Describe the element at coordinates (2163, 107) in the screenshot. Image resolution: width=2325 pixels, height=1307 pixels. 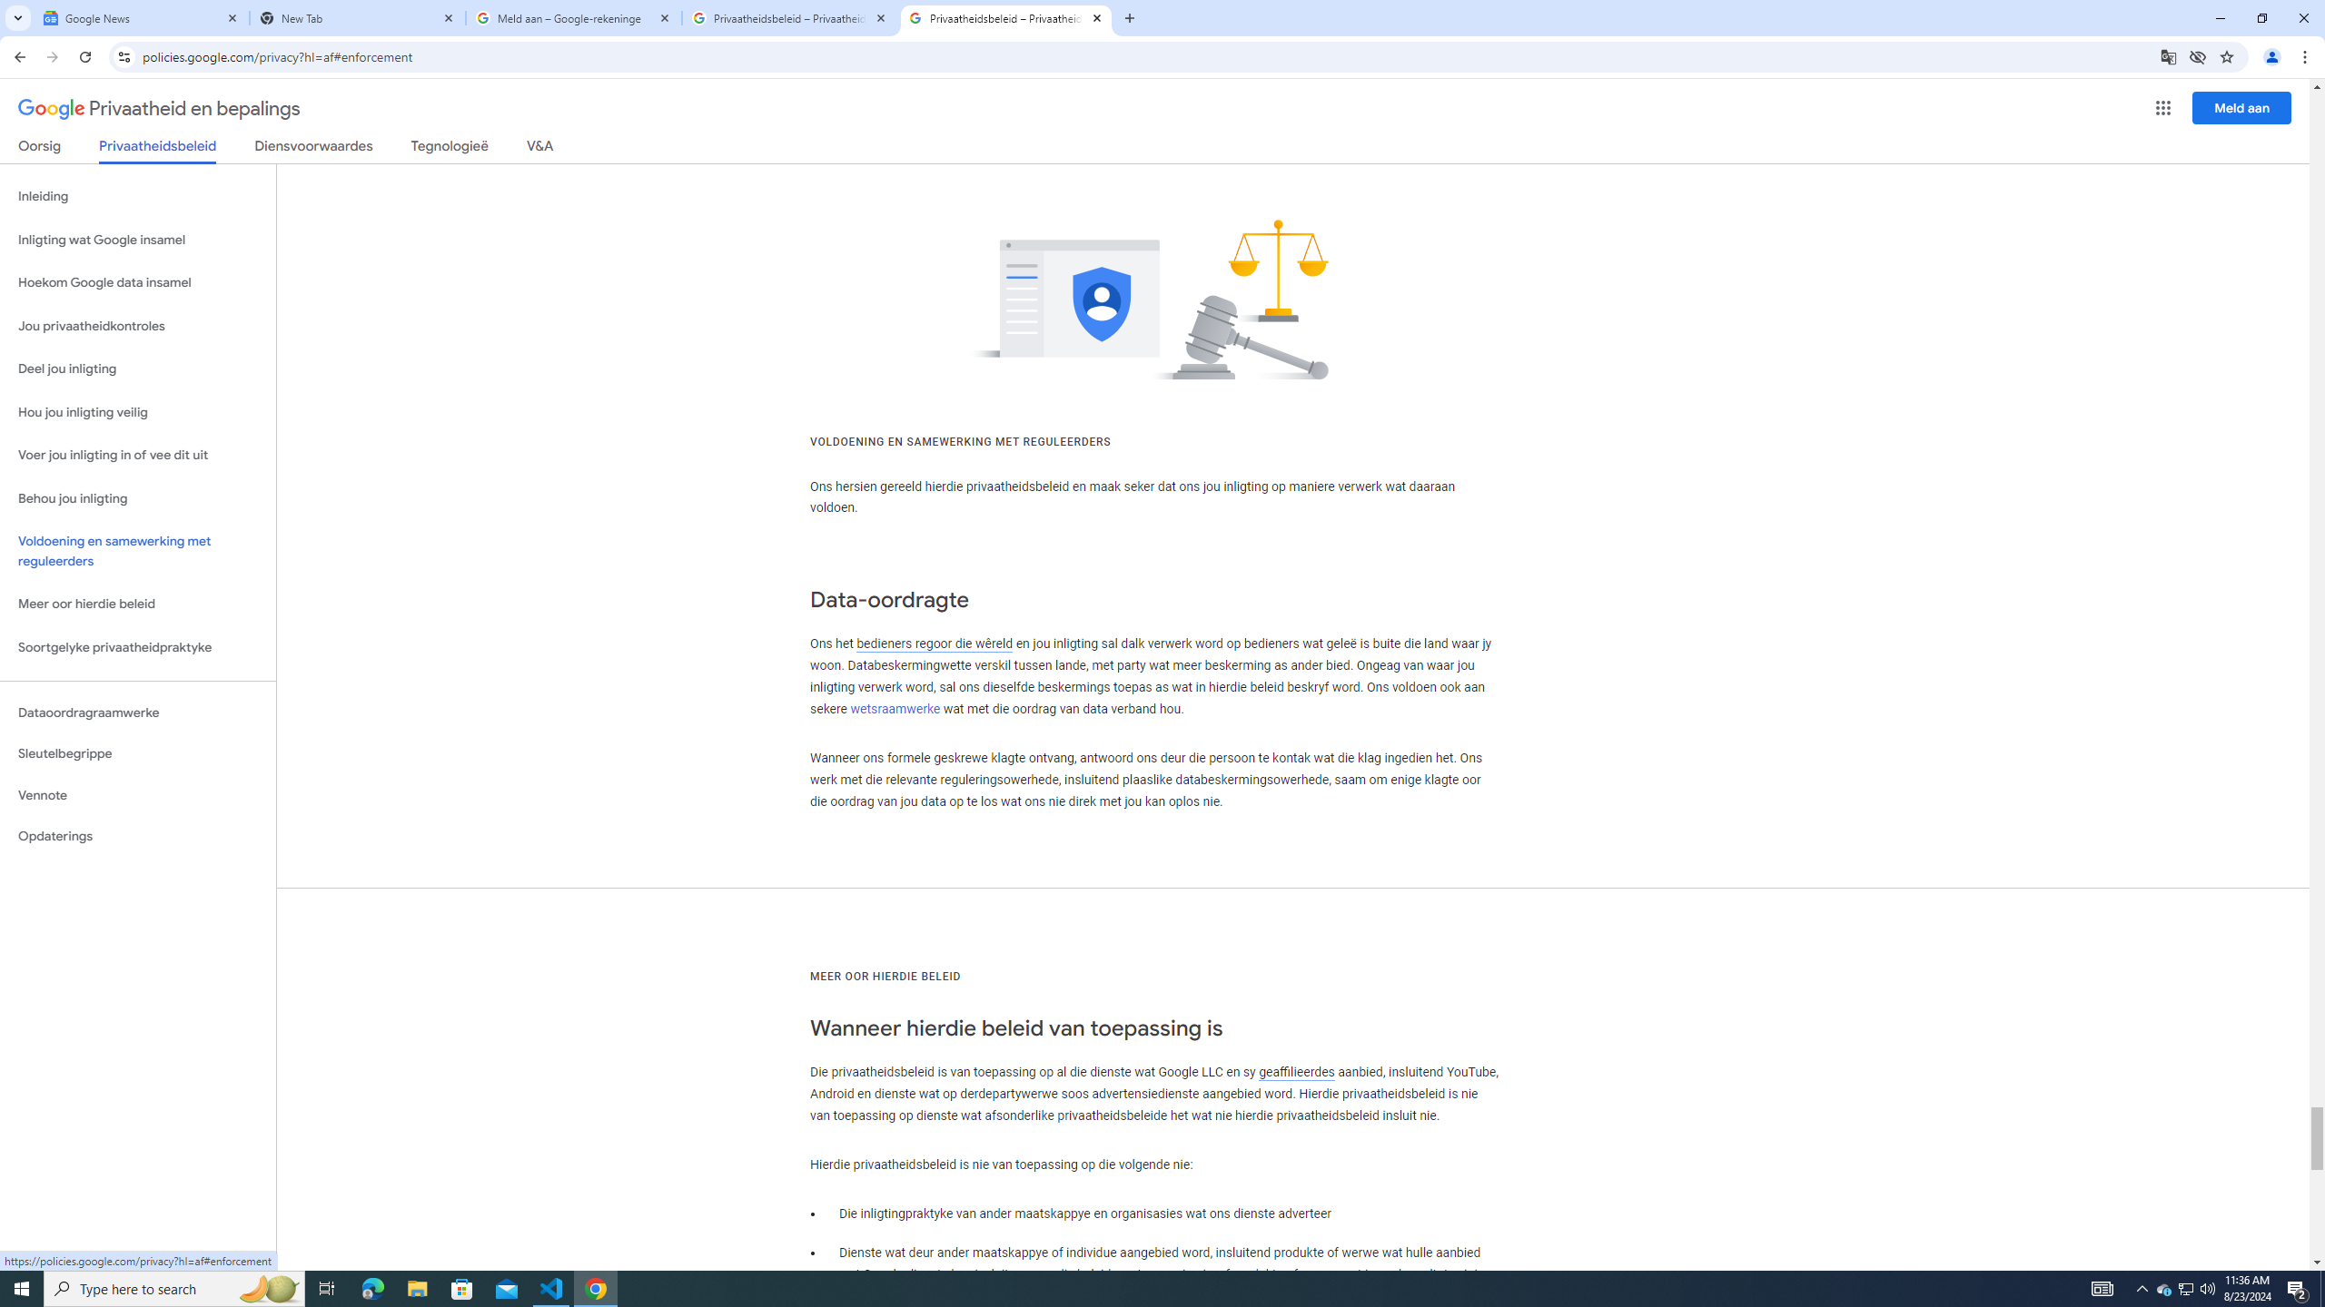
I see `'Google-programme'` at that location.